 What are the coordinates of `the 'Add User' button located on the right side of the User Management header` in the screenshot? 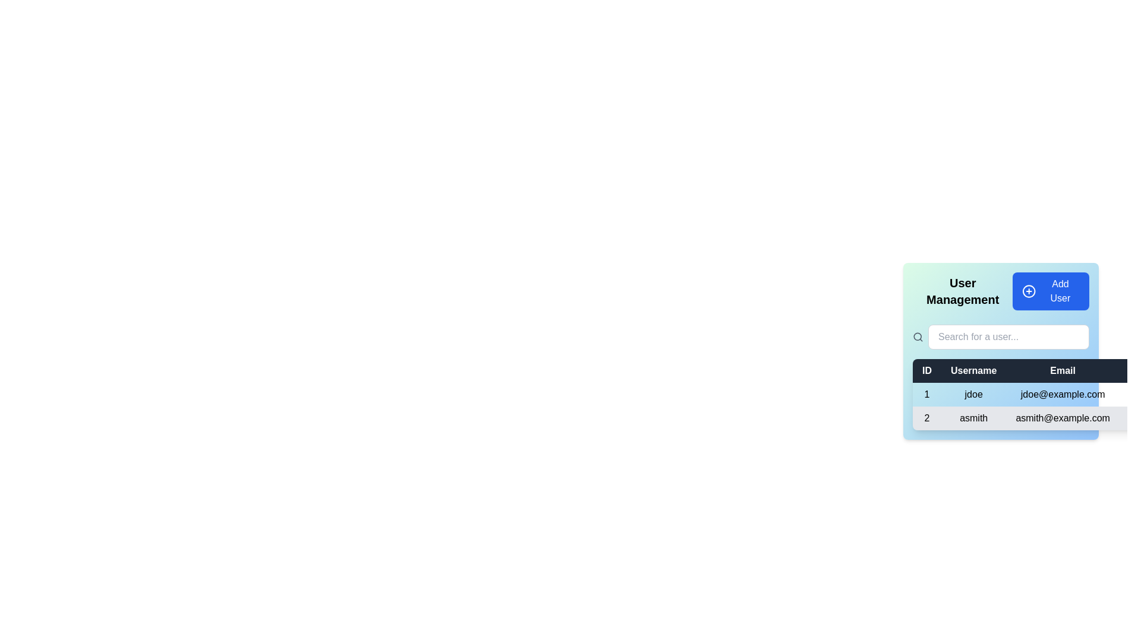 It's located at (1000, 291).